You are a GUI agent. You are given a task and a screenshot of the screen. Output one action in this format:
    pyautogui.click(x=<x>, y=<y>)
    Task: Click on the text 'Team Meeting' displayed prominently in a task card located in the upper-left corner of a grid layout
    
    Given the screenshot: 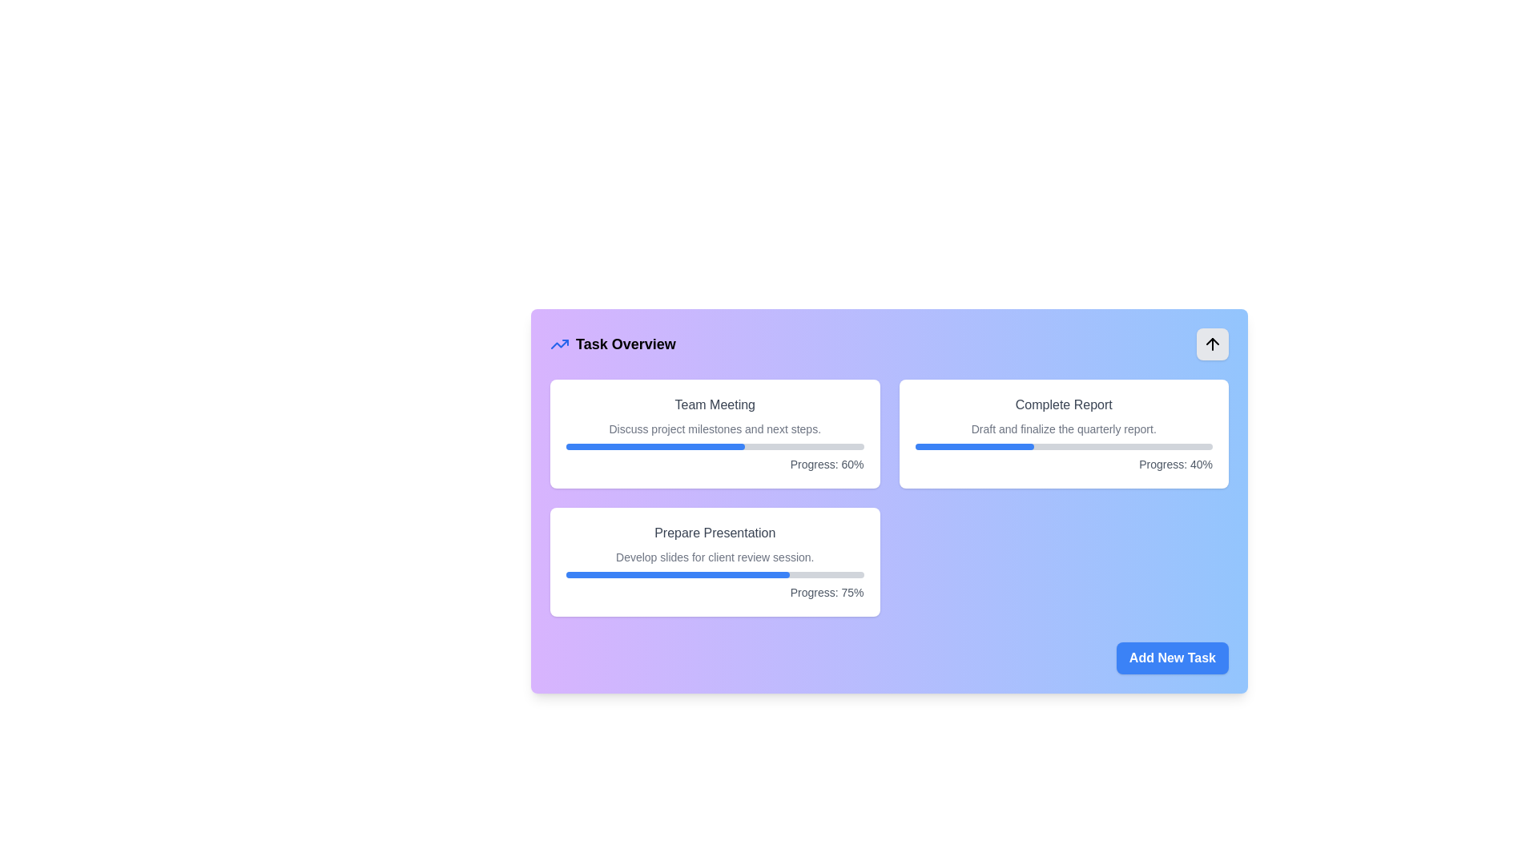 What is the action you would take?
    pyautogui.click(x=714, y=404)
    